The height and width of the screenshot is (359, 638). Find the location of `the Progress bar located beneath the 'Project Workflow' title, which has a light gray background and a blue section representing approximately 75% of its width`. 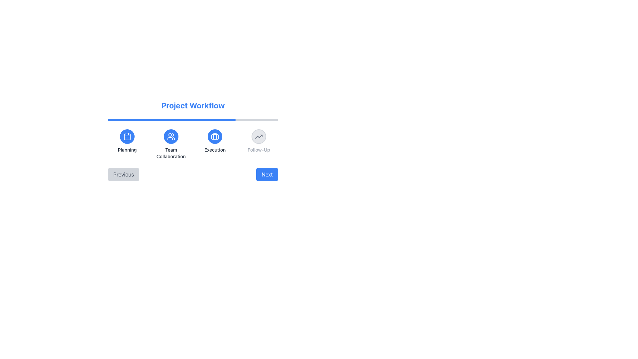

the Progress bar located beneath the 'Project Workflow' title, which has a light gray background and a blue section representing approximately 75% of its width is located at coordinates (192, 120).